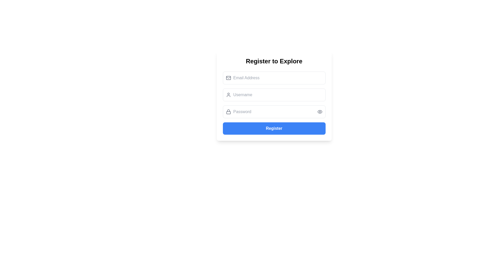  What do you see at coordinates (228, 78) in the screenshot?
I see `the decorative email icon located to the left of the 'Email Address' input field` at bounding box center [228, 78].